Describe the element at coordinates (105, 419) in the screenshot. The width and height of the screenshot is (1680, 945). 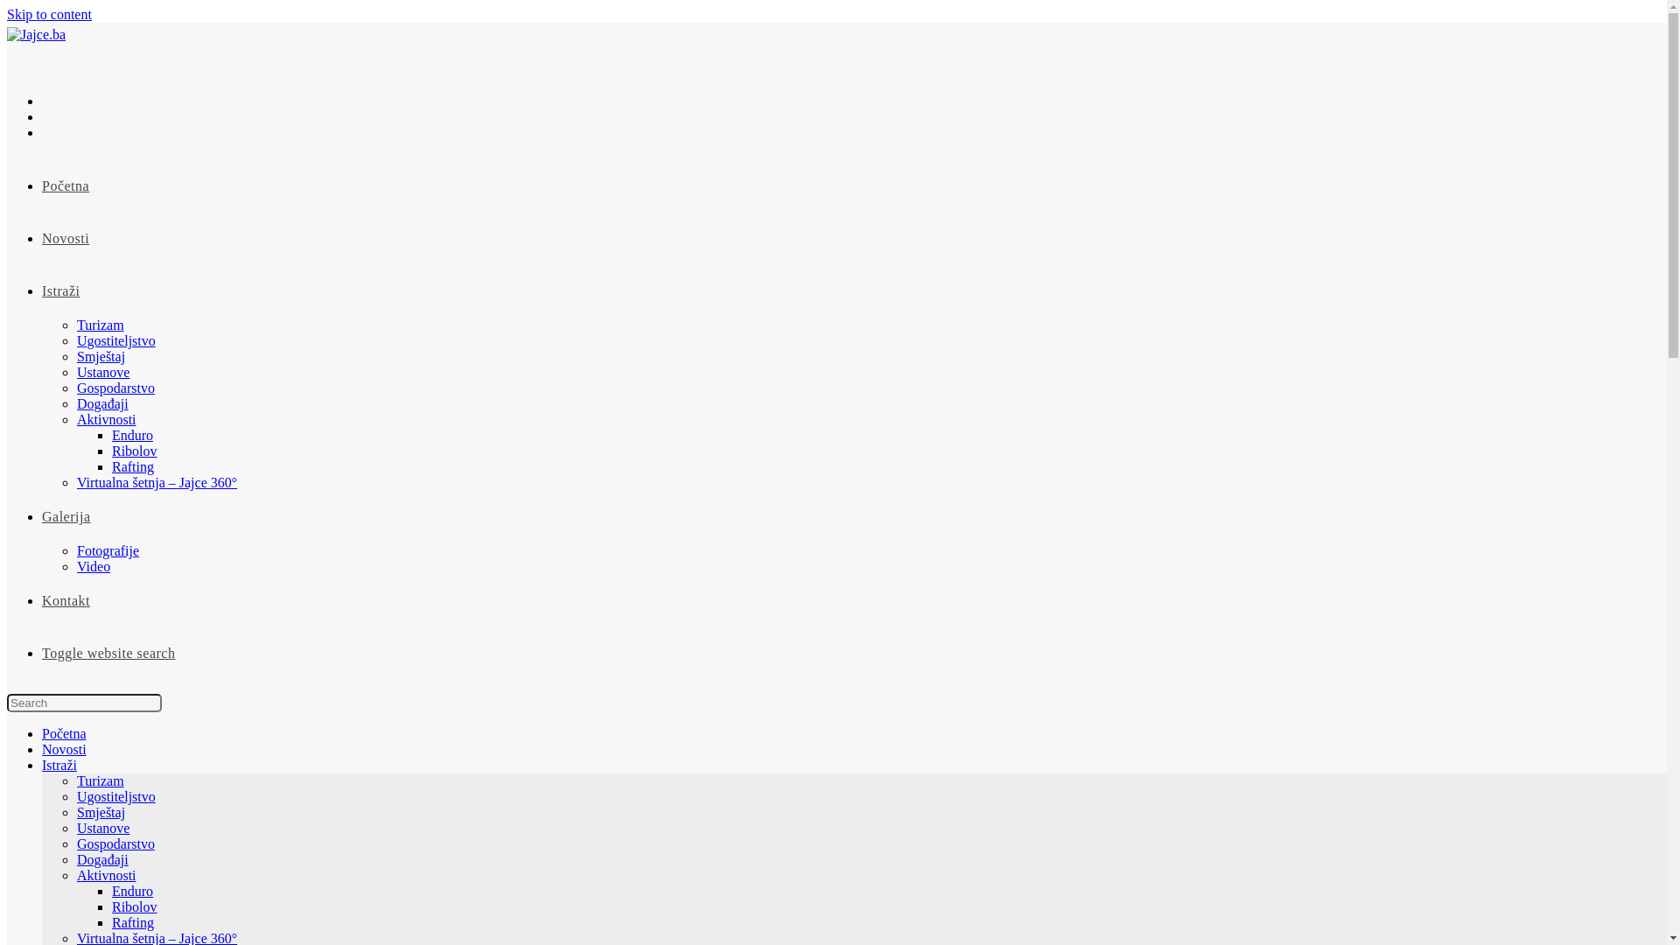
I see `'Aktivnosti'` at that location.